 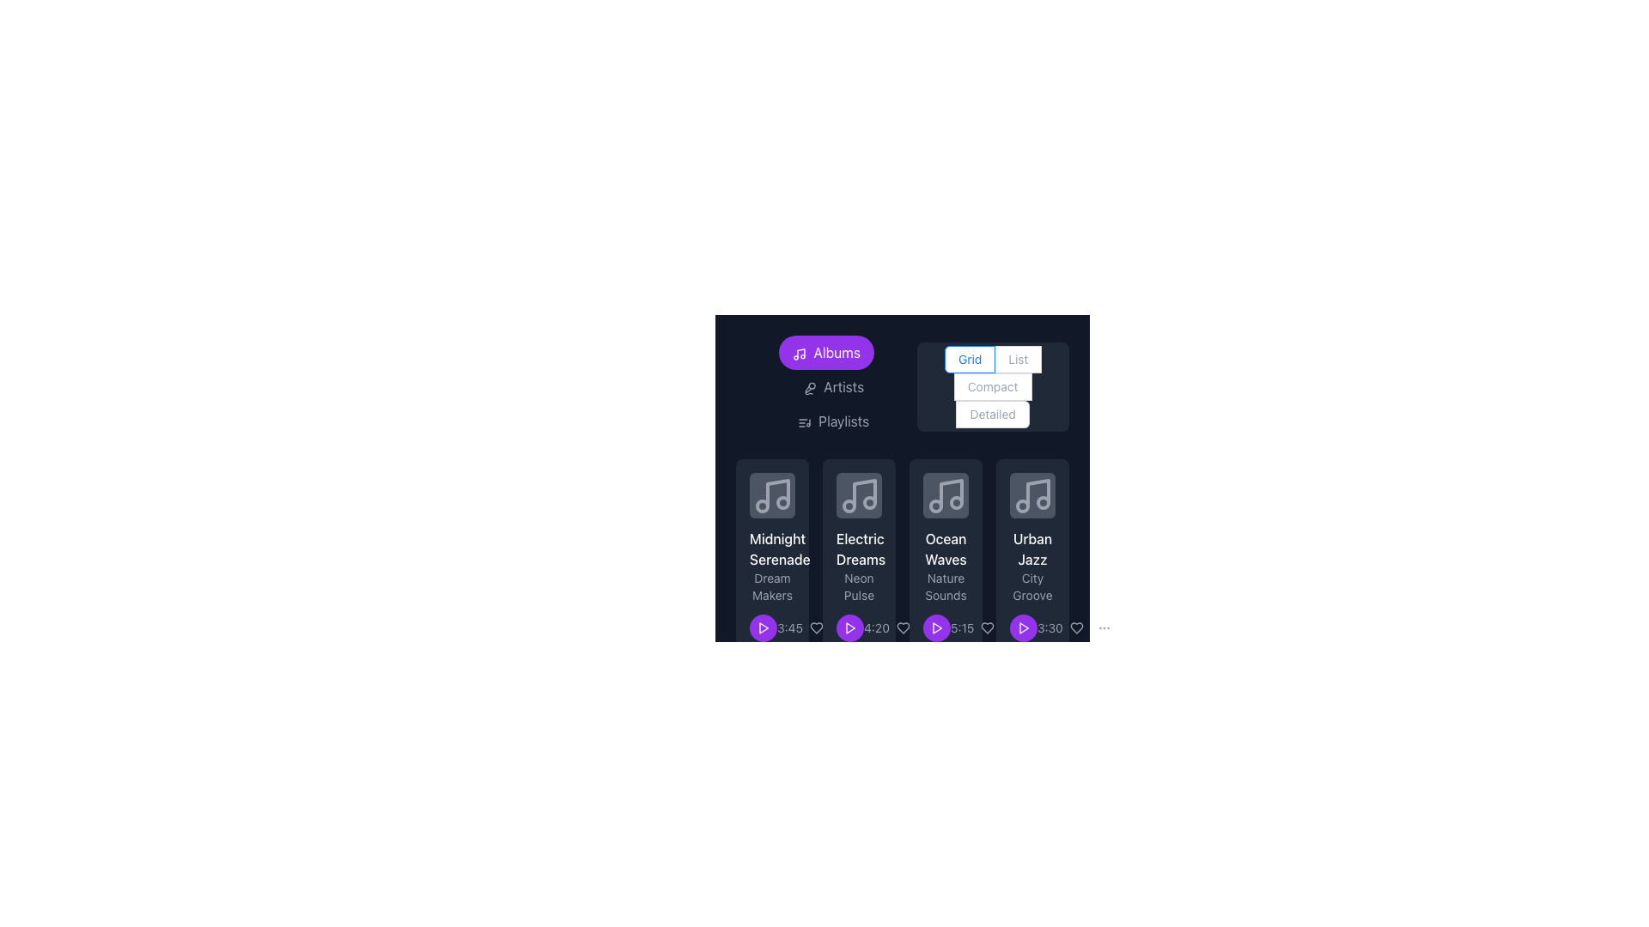 I want to click on the ellipsis icon represented by three small gray dots within a circular button located at the bottom right corner of the 'Urban Jazz' album card, so click(x=1015, y=628).